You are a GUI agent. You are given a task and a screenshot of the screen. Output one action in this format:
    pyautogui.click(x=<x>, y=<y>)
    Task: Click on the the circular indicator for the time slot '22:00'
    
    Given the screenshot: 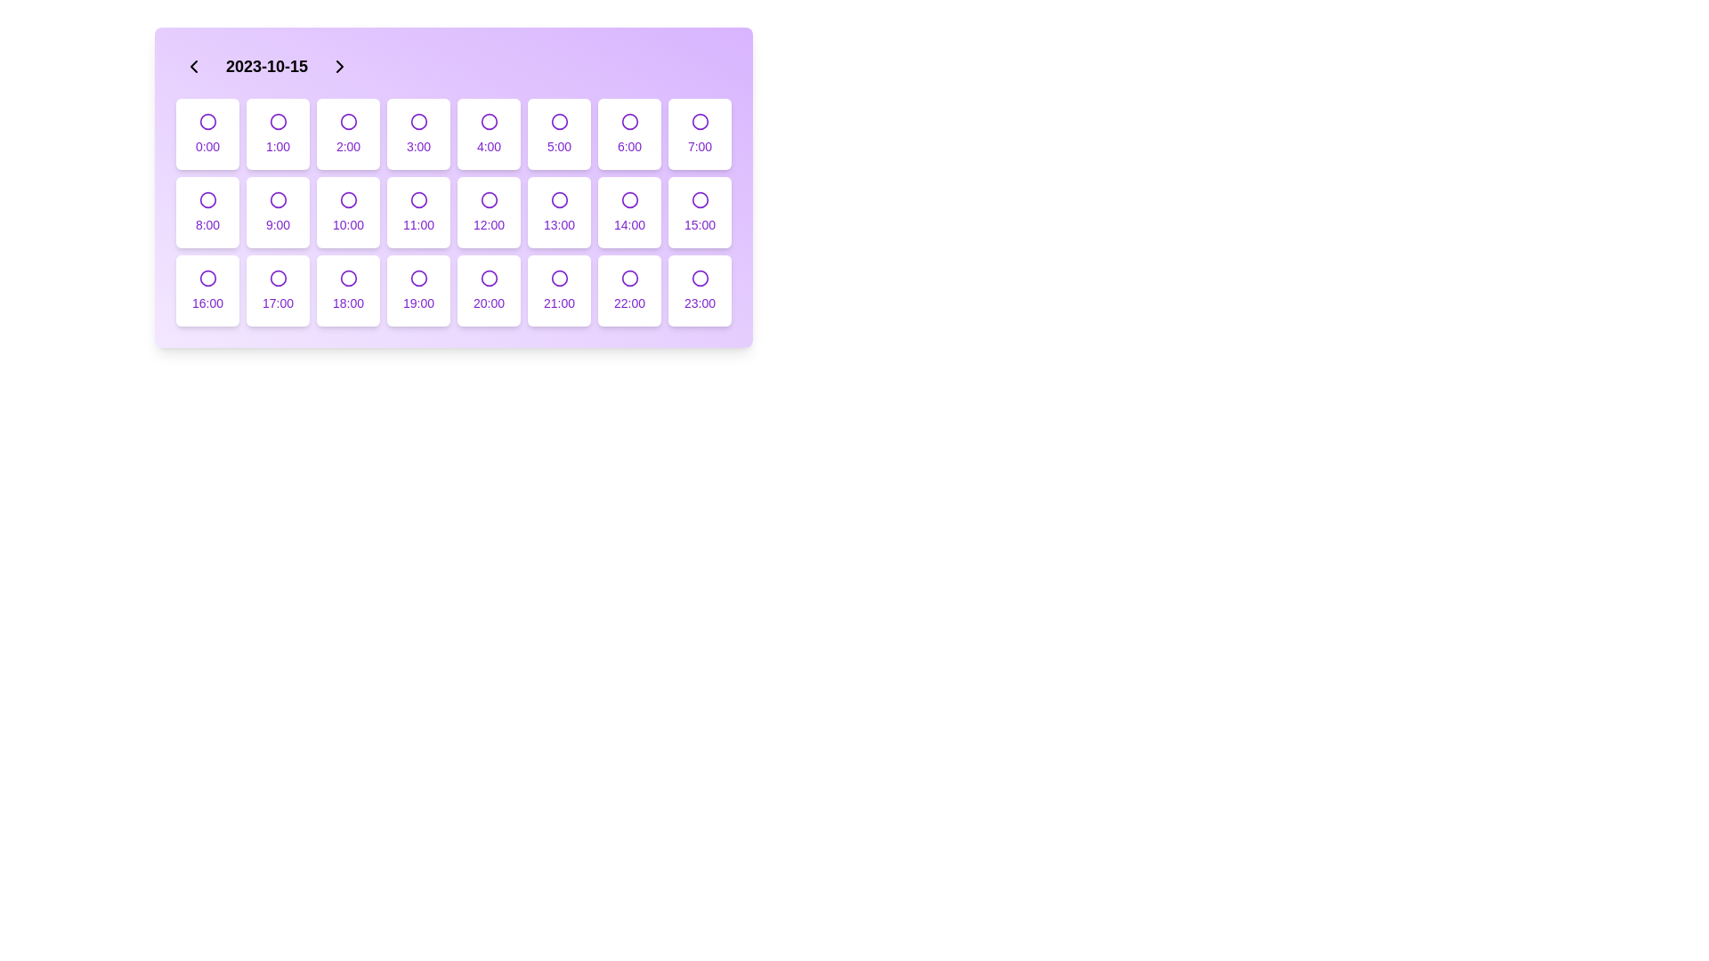 What is the action you would take?
    pyautogui.click(x=629, y=278)
    